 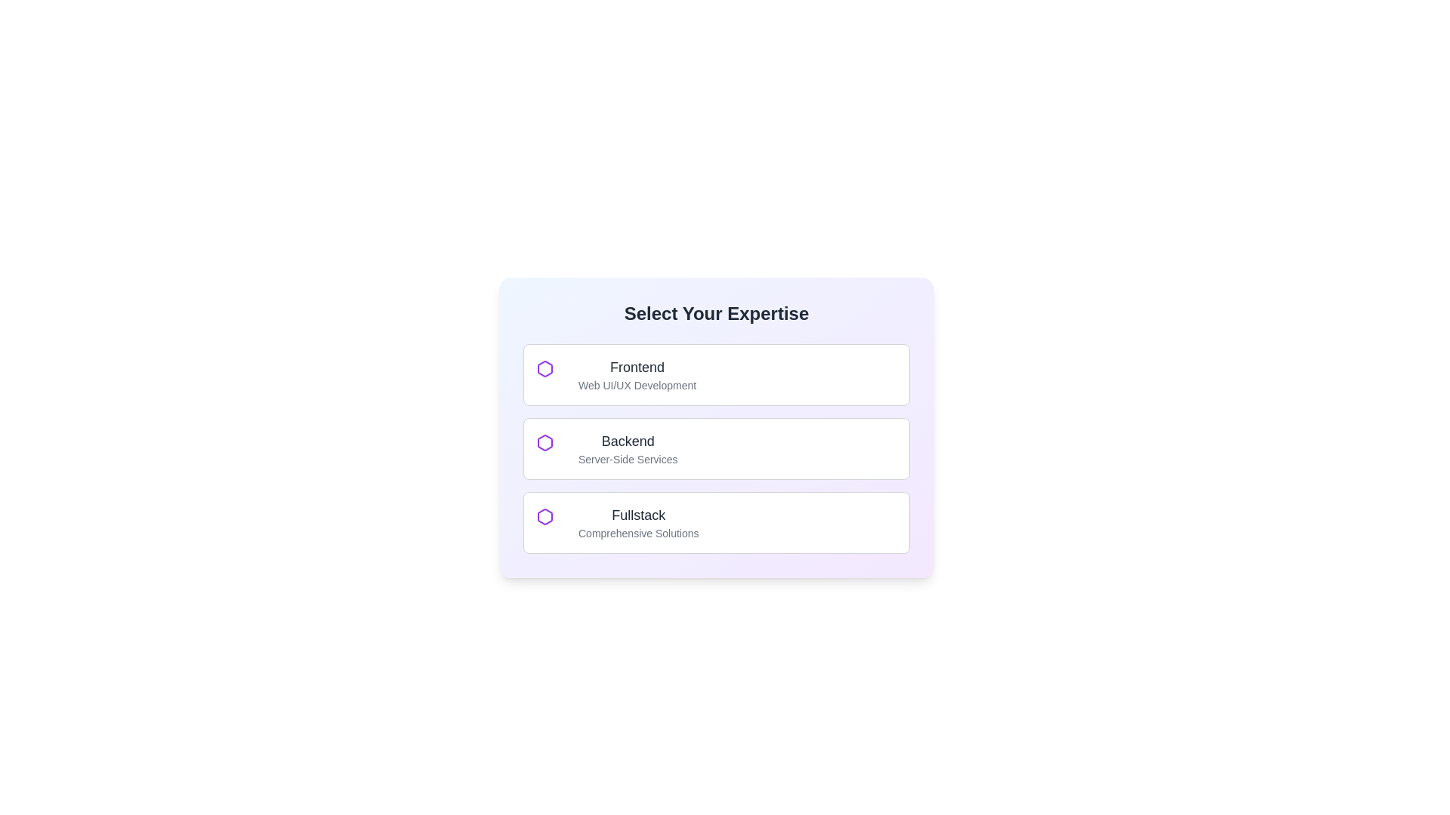 I want to click on the purple hexagon-shaped Decorative icon located at the top-left corner of the Frontend entry in the expertise selection panel, so click(x=550, y=374).